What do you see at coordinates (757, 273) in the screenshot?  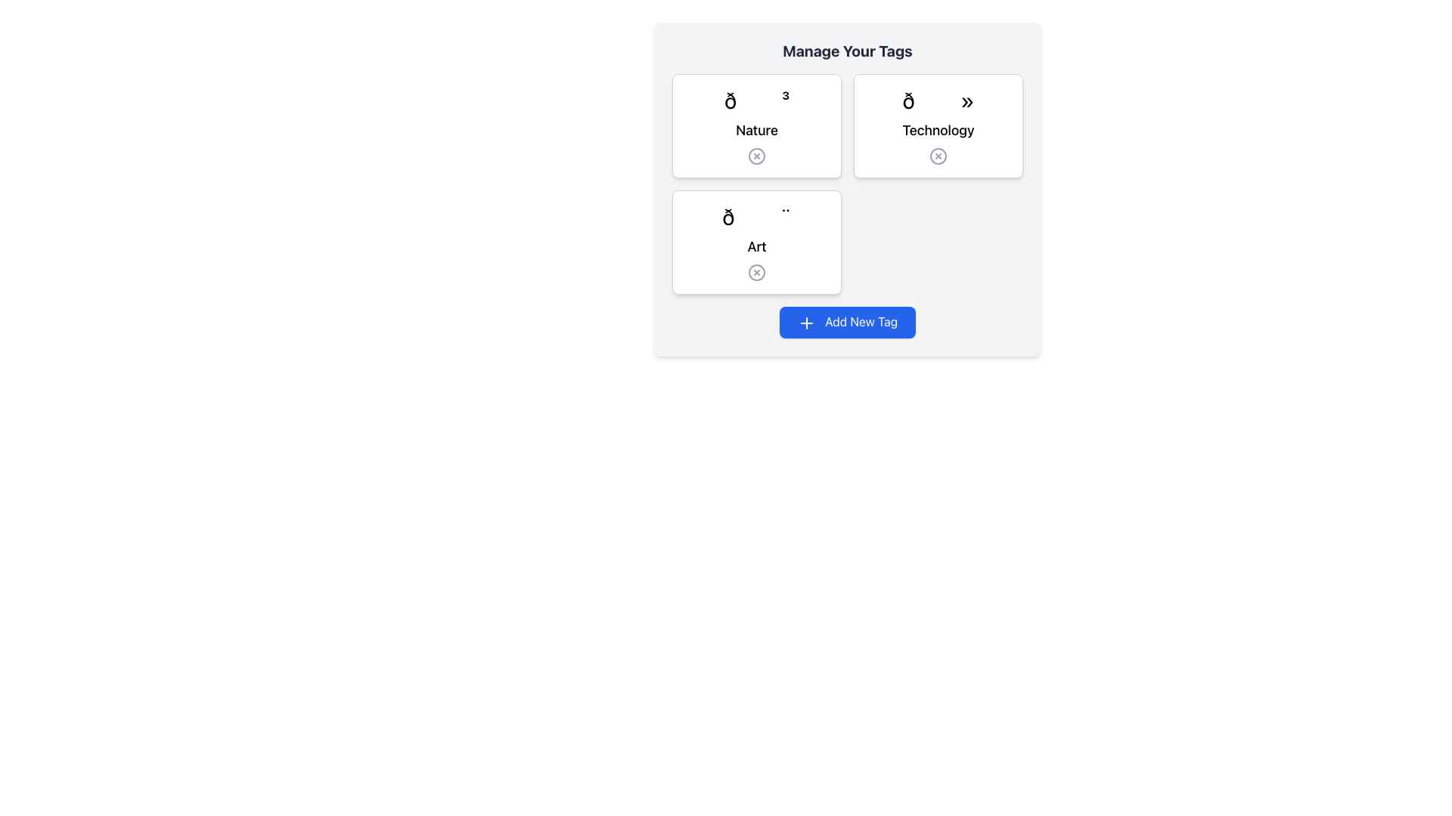 I see `the dismiss/remove icon located at the bottom-center of the 'Art' card` at bounding box center [757, 273].